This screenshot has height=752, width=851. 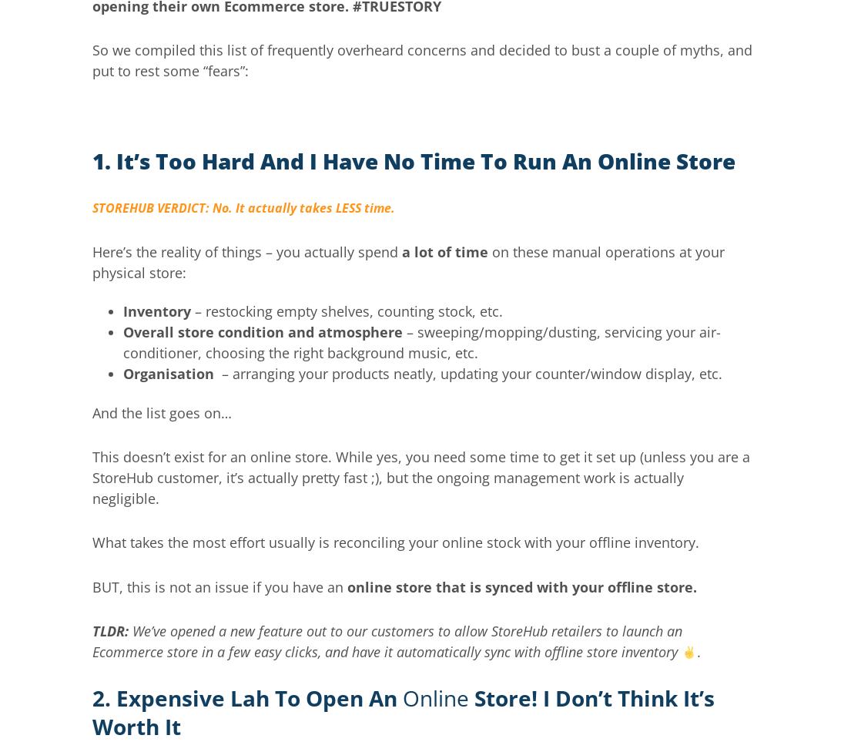 I want to click on 'Online', so click(x=435, y=697).